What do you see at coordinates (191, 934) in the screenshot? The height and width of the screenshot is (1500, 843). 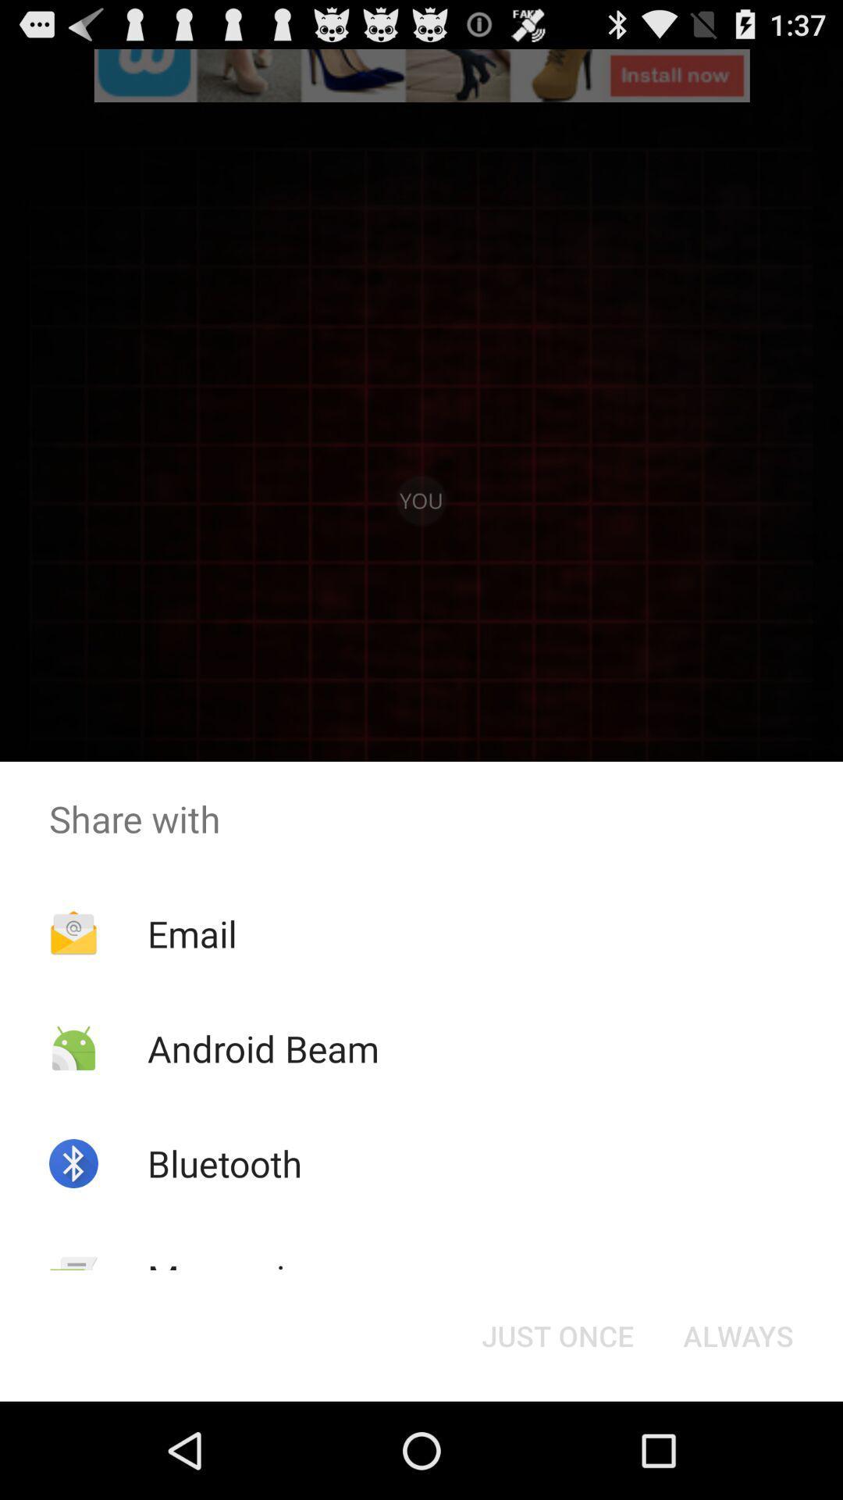 I see `the email icon` at bounding box center [191, 934].